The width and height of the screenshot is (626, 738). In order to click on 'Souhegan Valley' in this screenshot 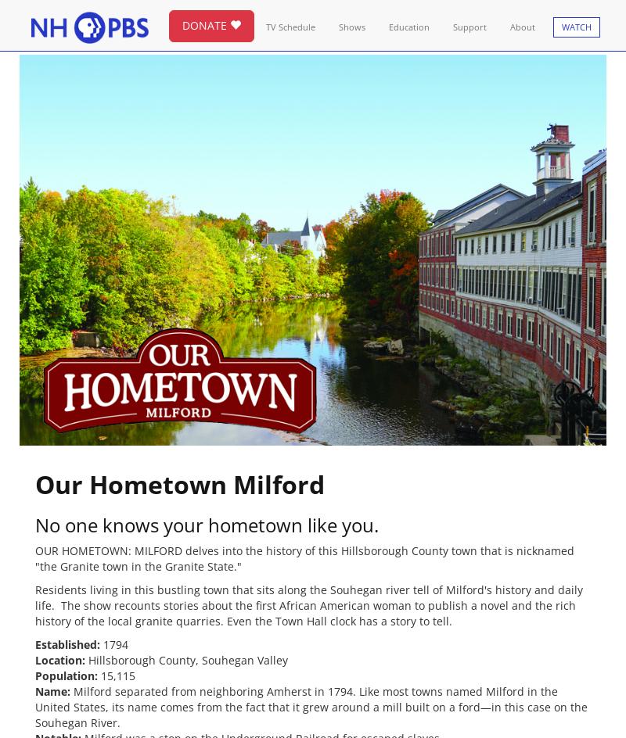, I will do `click(243, 659)`.